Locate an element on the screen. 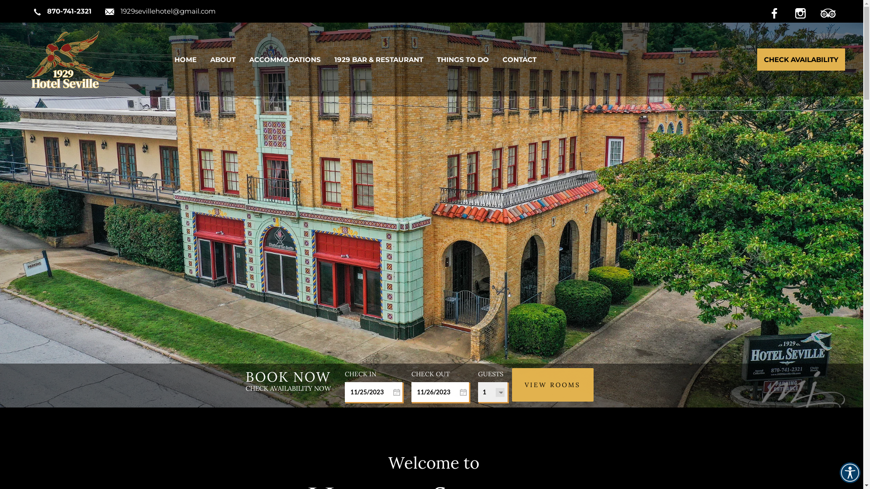 Image resolution: width=870 pixels, height=489 pixels. 'Start Date' is located at coordinates (373, 392).